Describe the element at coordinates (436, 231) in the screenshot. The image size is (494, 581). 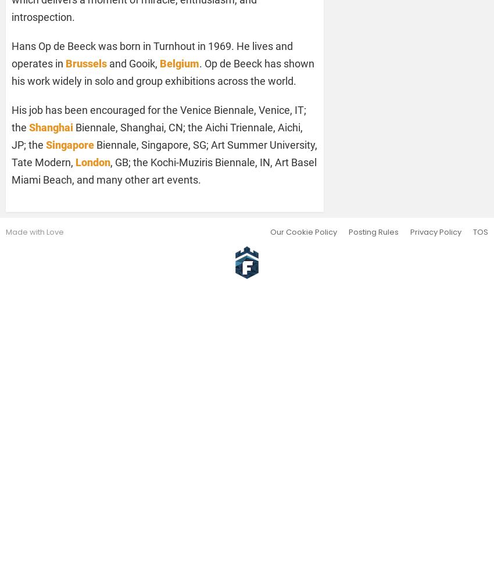
I see `'Privacy Policy'` at that location.